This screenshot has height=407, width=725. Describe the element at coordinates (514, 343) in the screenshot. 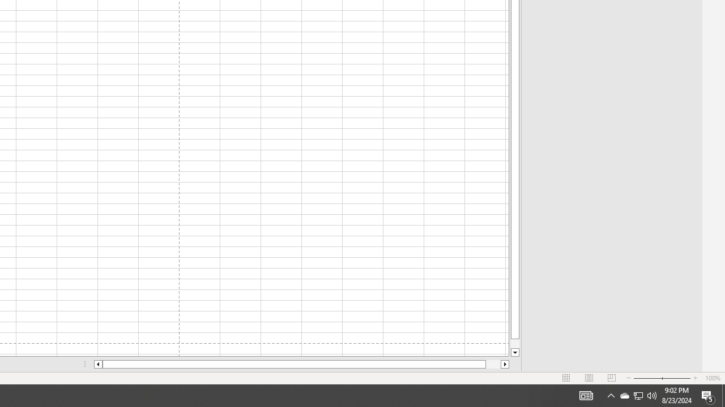

I see `'Page down'` at that location.